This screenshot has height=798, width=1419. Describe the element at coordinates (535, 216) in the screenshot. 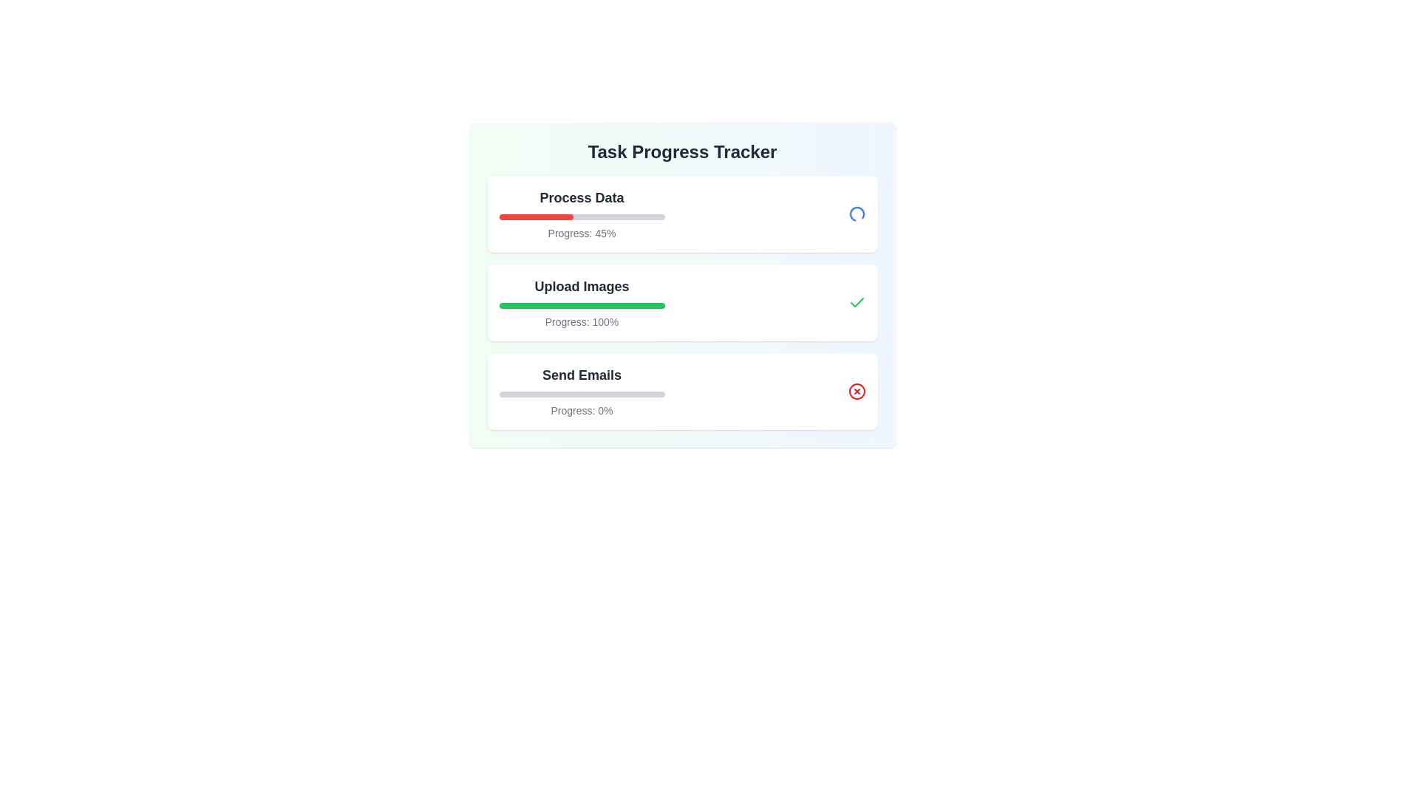

I see `the Progress Indicator that visually indicates a 45% completion for the 'Process Data' task, located in the top progress bar` at that location.